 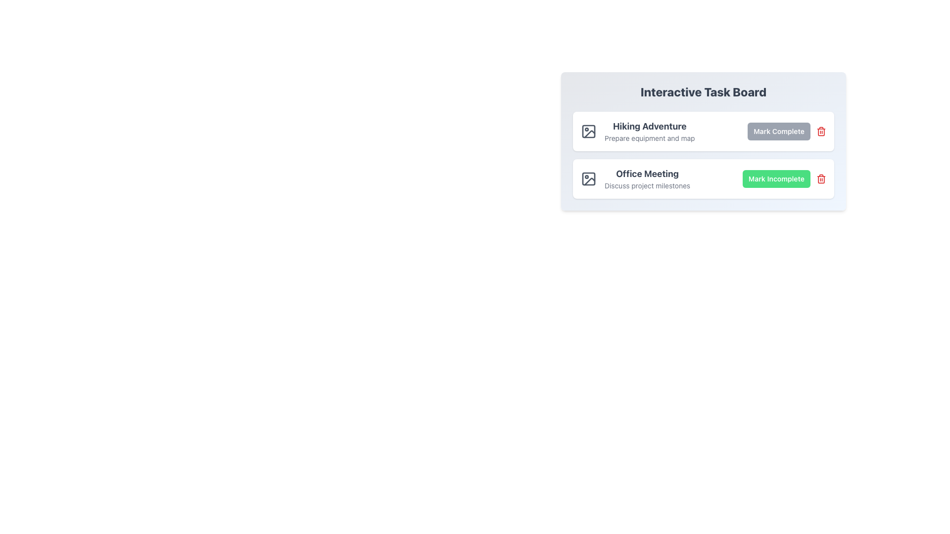 I want to click on the Text block that serves as the header and description for the task labeled 'Office Meeting', located in the second item of the vertical list within the card labeled 'Interactive Task Board', so click(x=635, y=179).